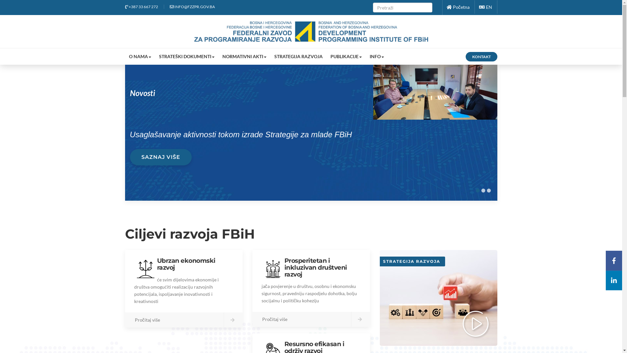 The height and width of the screenshot is (353, 627). I want to click on 'KONTAKT', so click(481, 56).